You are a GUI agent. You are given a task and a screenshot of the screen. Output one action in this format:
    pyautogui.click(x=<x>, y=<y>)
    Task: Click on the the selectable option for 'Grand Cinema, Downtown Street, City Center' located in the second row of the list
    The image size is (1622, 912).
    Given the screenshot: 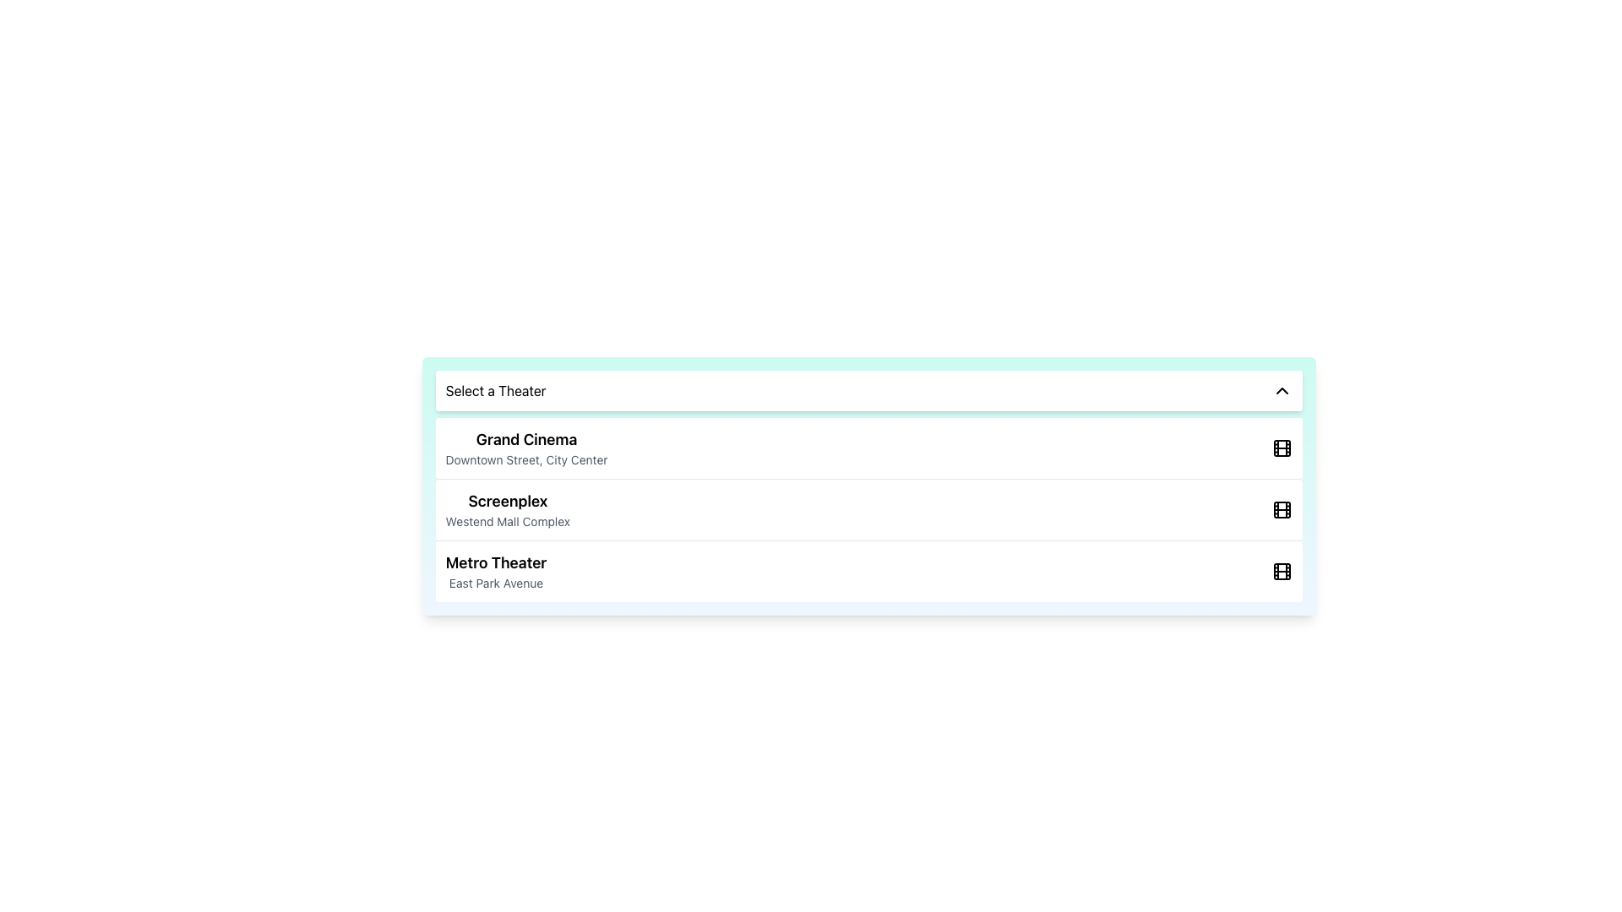 What is the action you would take?
    pyautogui.click(x=525, y=448)
    